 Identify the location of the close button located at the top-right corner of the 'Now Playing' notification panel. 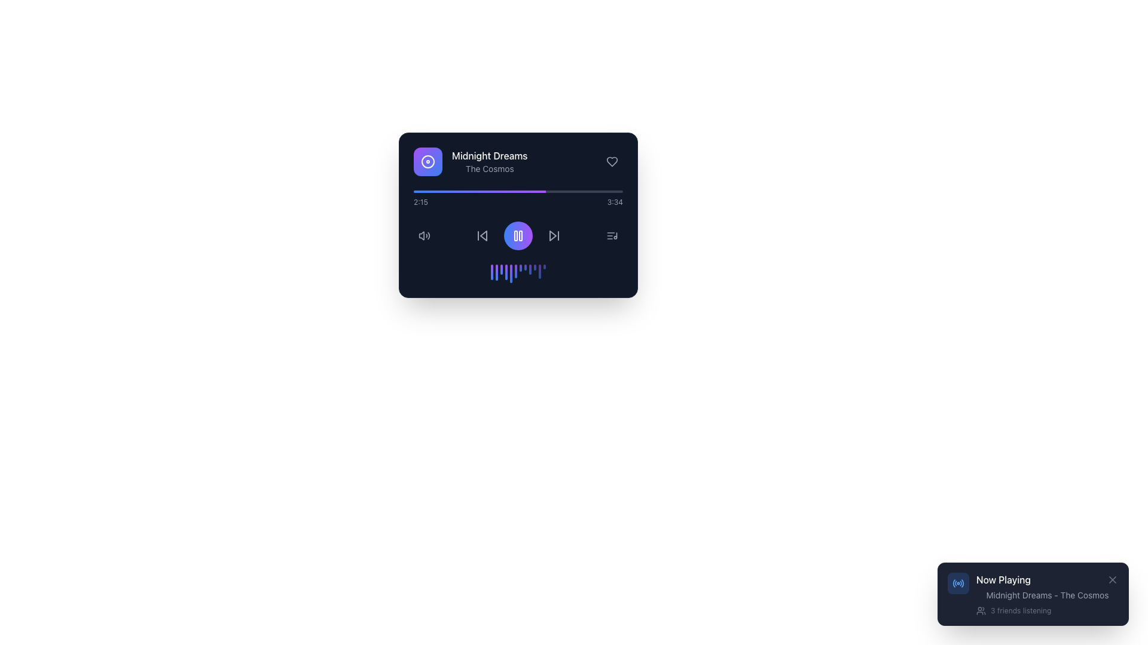
(1112, 579).